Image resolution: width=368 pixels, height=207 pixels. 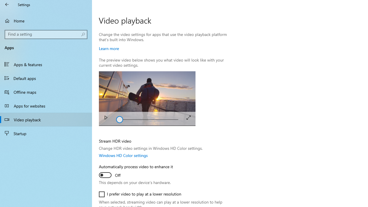 I want to click on 'Seek', so click(x=147, y=118).